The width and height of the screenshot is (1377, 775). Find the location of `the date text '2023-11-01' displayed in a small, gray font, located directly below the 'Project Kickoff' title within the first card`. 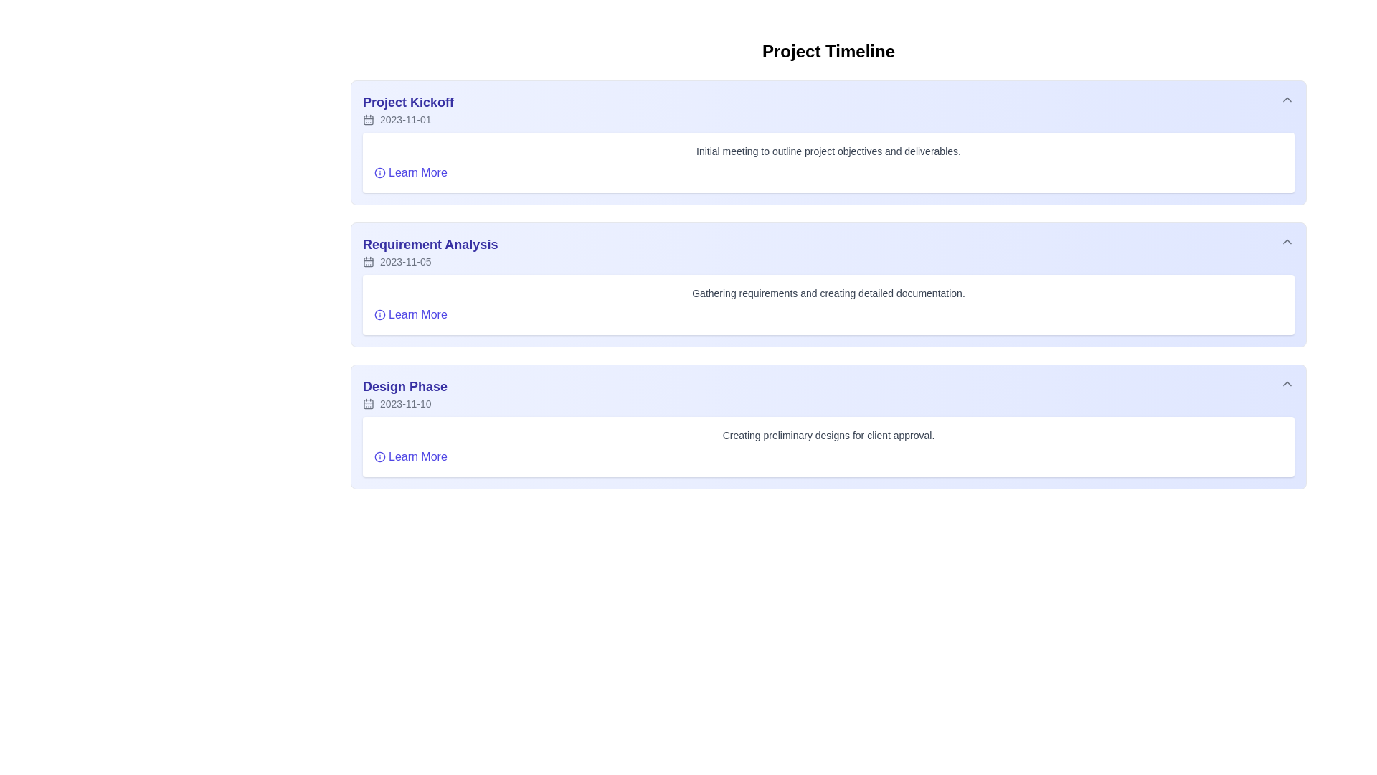

the date text '2023-11-01' displayed in a small, gray font, located directly below the 'Project Kickoff' title within the first card is located at coordinates (407, 118).